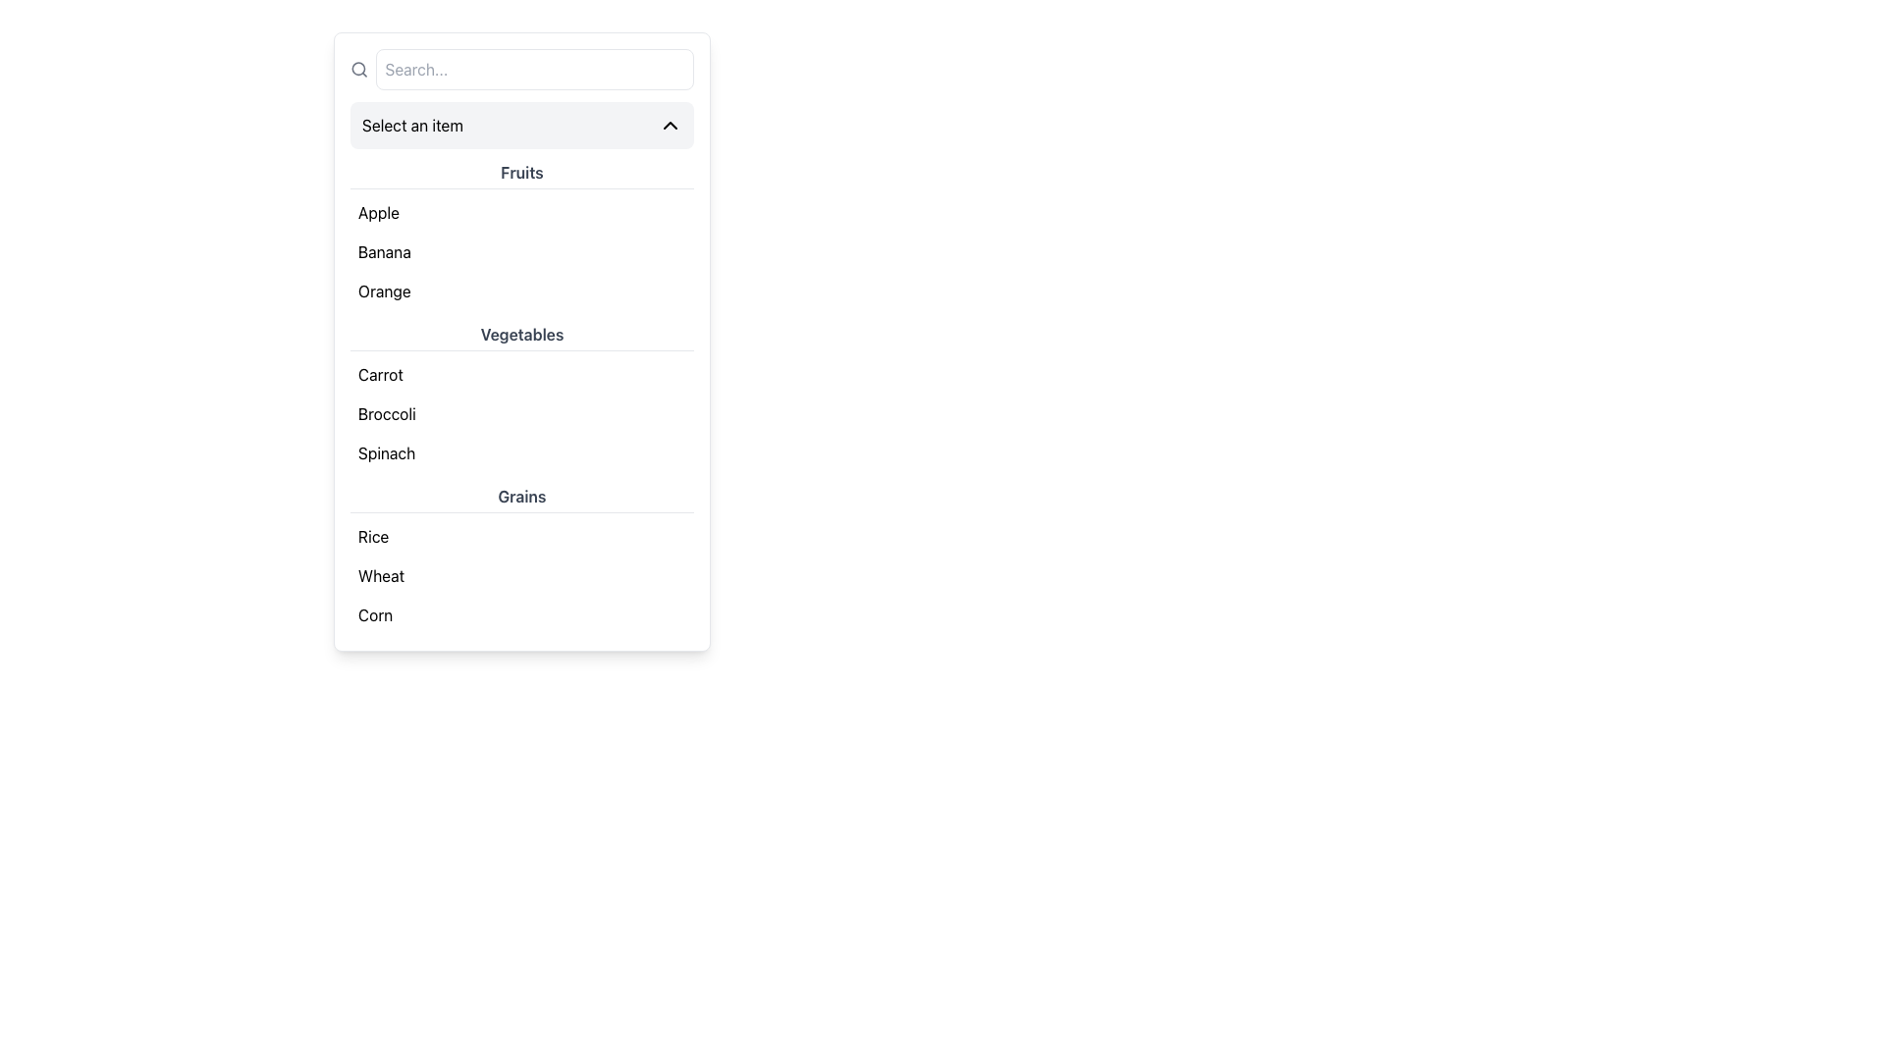 The height and width of the screenshot is (1060, 1885). I want to click on the second item in the 'Fruits' section of the menu, so click(522, 251).